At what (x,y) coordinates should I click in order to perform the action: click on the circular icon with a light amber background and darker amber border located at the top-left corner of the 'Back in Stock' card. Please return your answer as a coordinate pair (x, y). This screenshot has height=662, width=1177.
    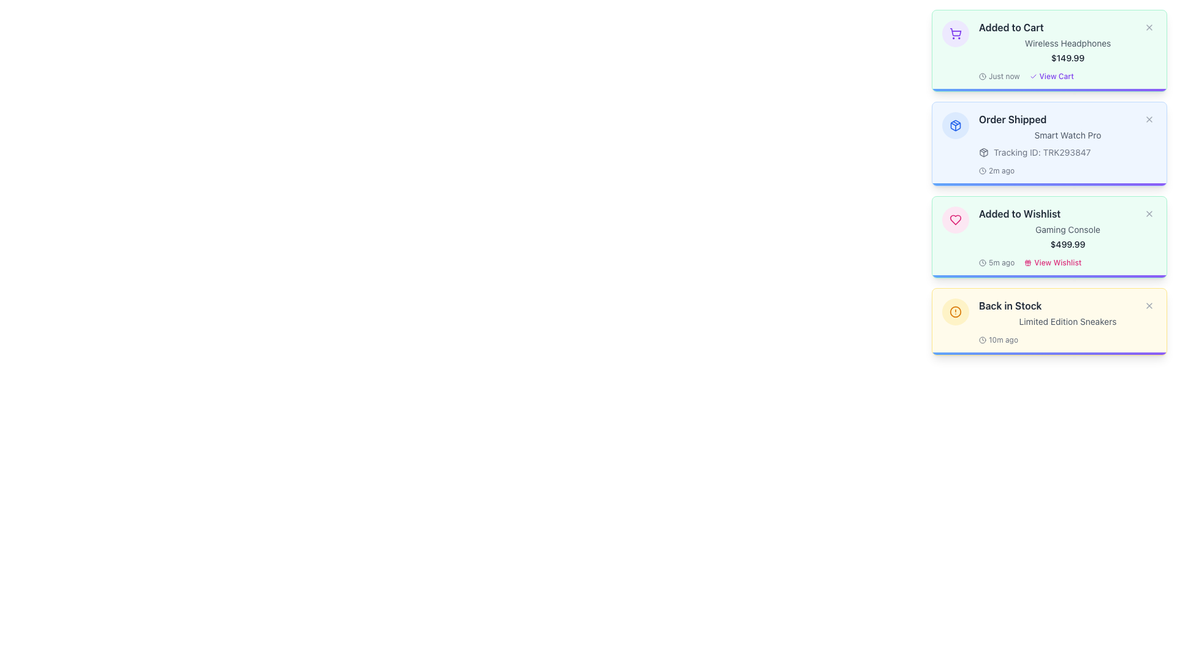
    Looking at the image, I should click on (955, 311).